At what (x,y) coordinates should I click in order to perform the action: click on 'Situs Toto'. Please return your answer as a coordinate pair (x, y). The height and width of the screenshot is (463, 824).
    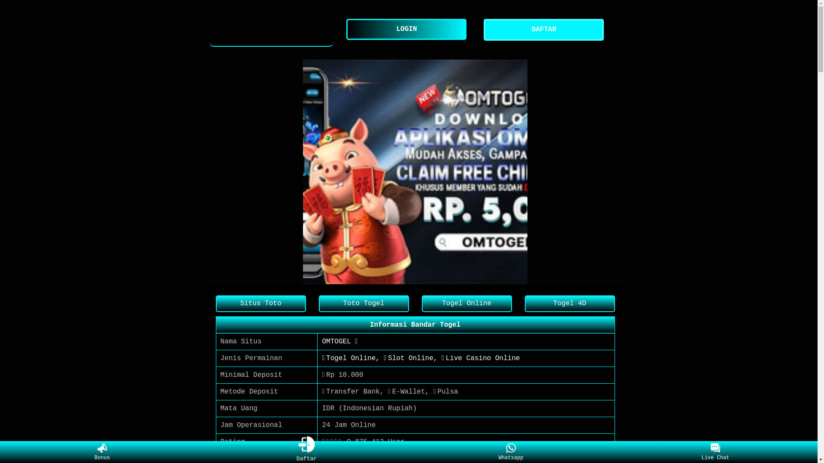
    Looking at the image, I should click on (260, 303).